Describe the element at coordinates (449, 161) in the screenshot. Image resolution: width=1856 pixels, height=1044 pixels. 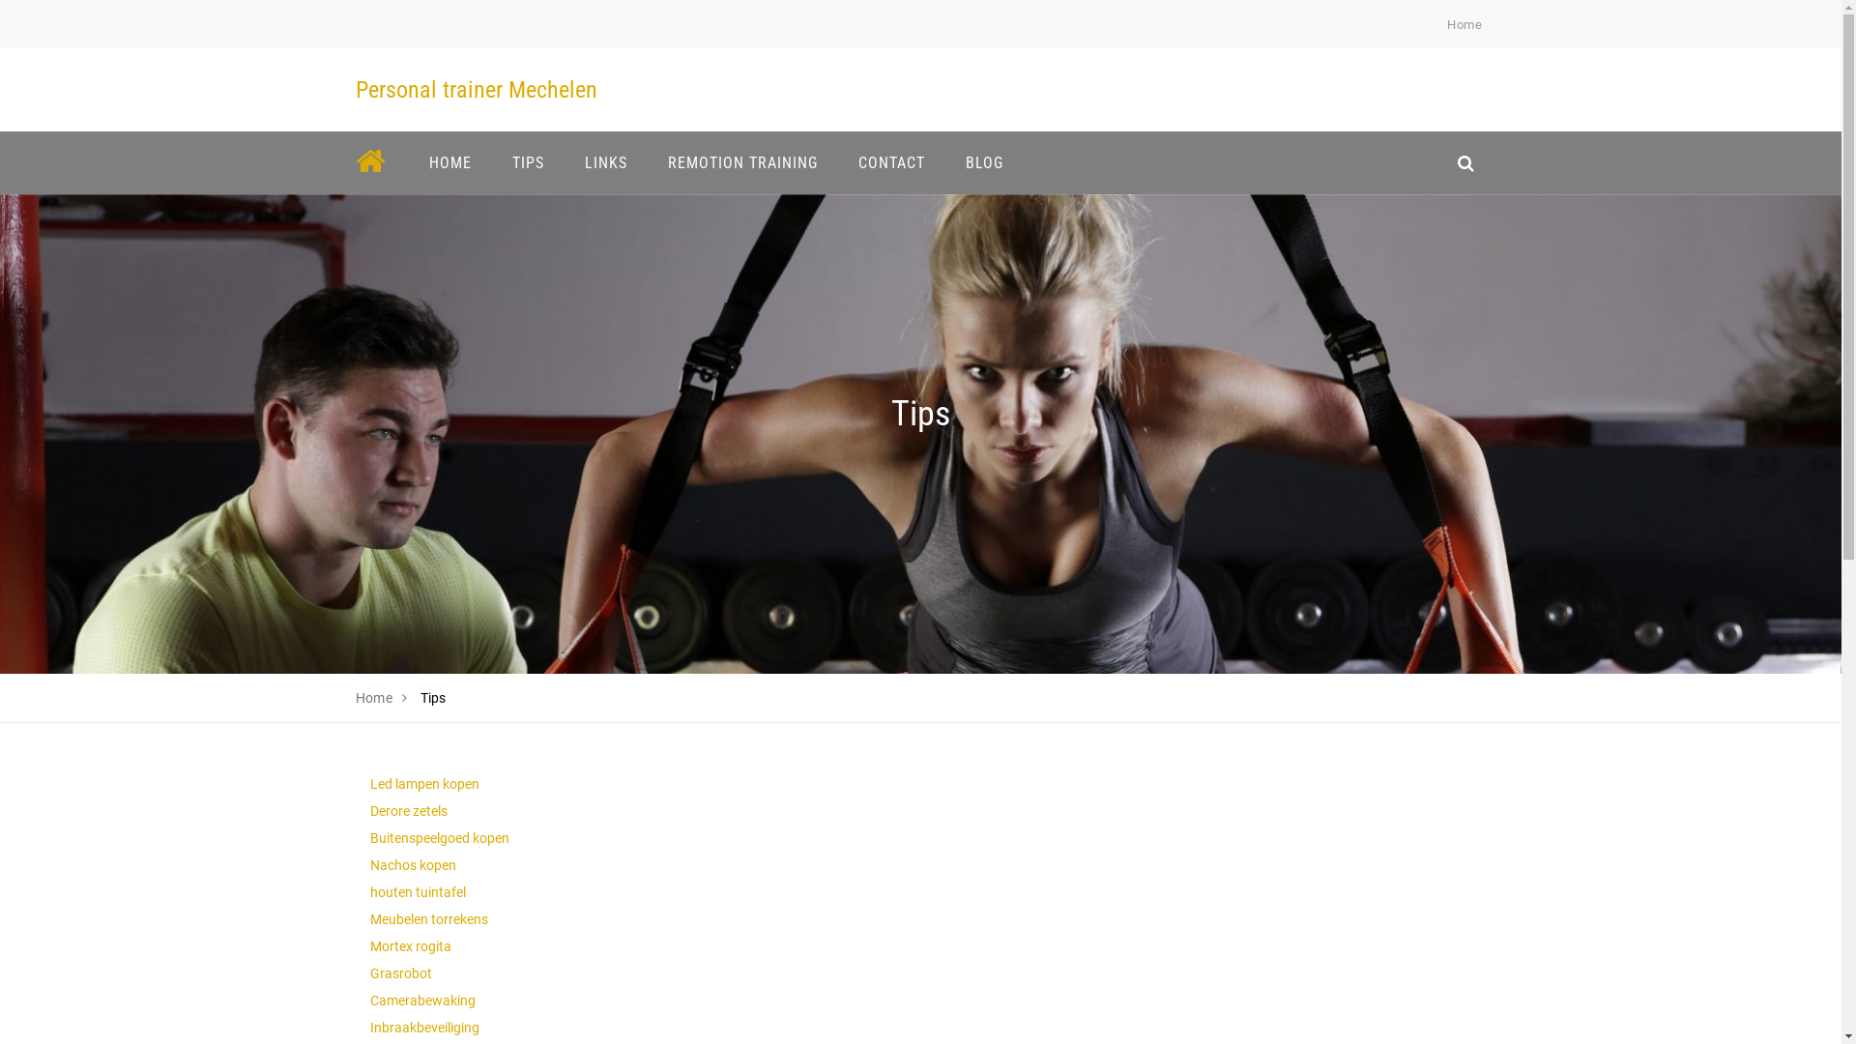
I see `'HOME'` at that location.